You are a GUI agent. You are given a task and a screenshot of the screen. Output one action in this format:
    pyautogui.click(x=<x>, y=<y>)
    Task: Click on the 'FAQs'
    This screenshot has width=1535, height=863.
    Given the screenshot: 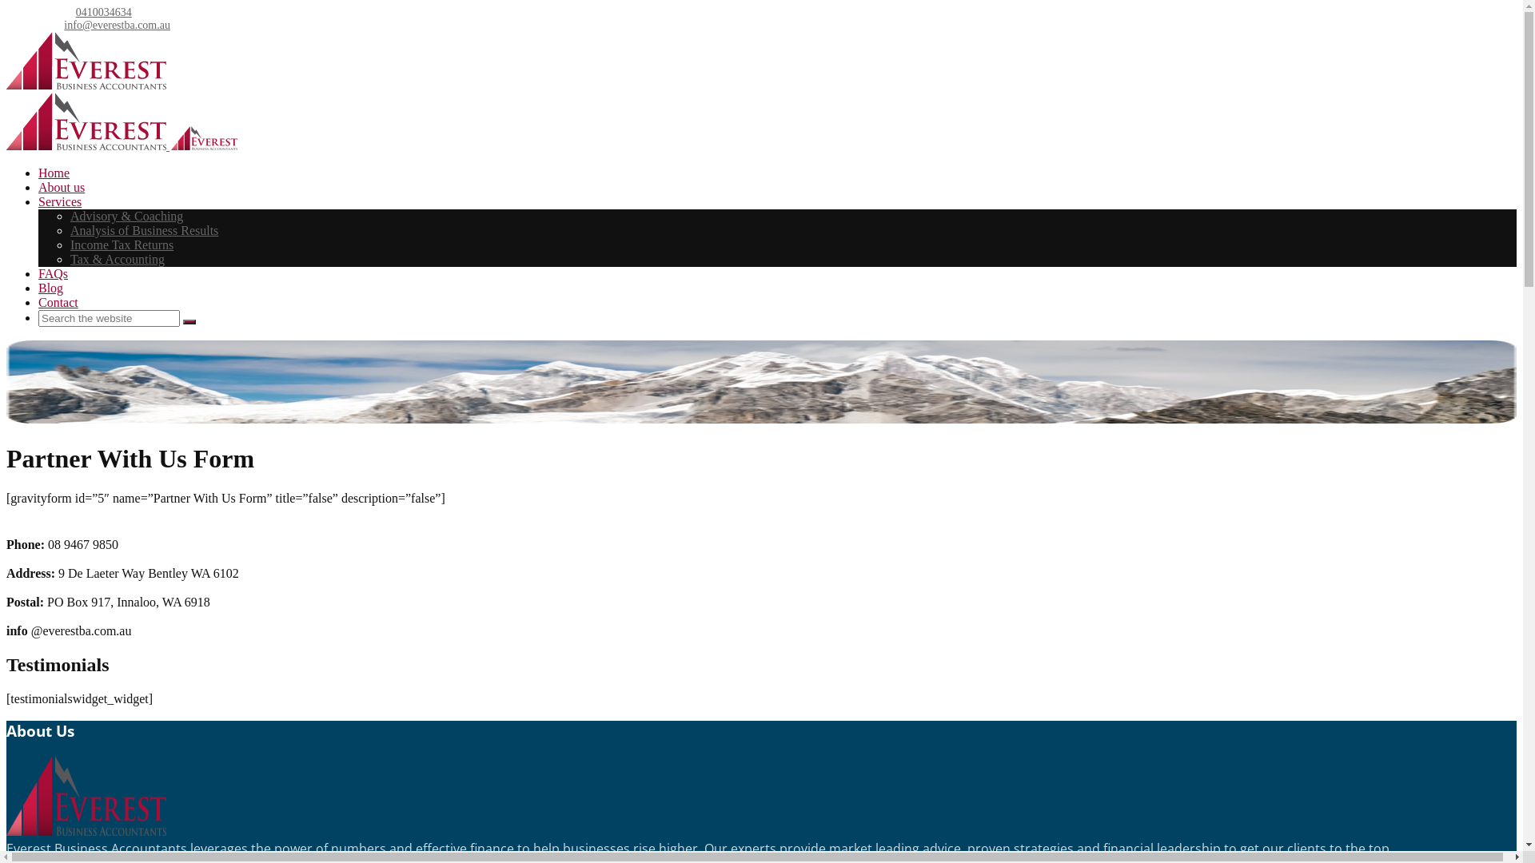 What is the action you would take?
    pyautogui.click(x=53, y=272)
    